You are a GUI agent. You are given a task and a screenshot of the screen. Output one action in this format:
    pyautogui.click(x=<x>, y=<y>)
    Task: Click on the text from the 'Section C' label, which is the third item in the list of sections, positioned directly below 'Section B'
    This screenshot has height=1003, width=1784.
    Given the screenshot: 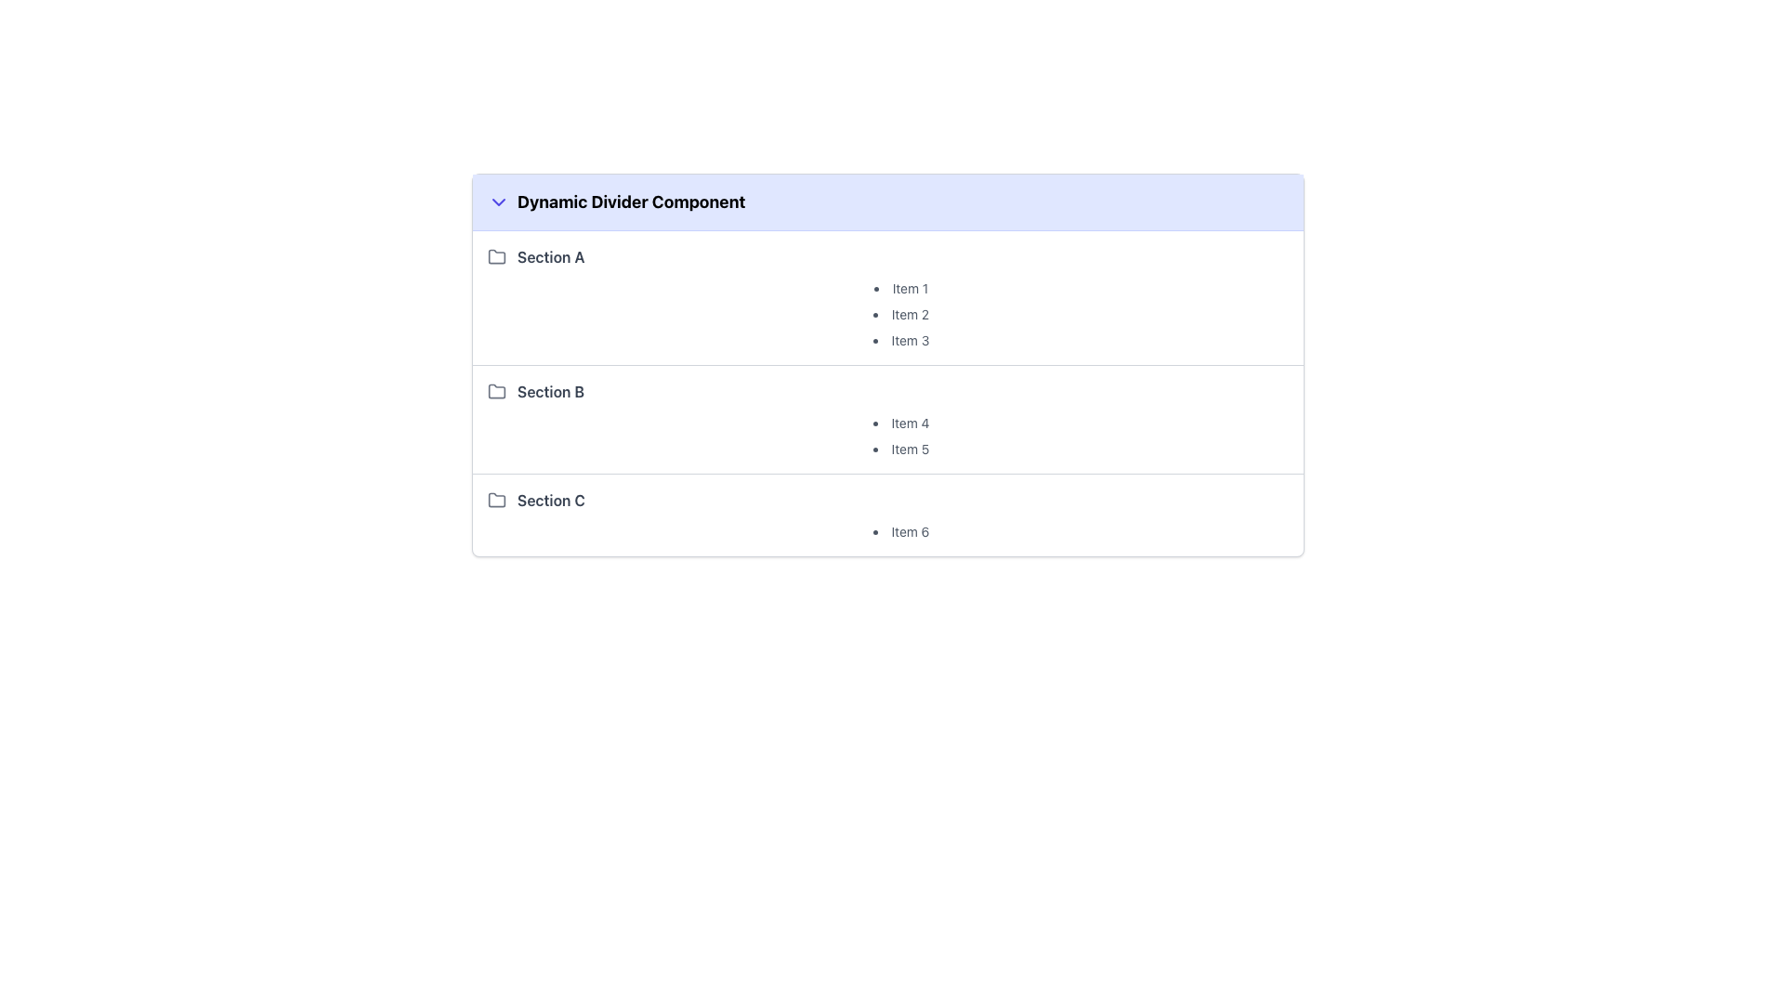 What is the action you would take?
    pyautogui.click(x=550, y=500)
    